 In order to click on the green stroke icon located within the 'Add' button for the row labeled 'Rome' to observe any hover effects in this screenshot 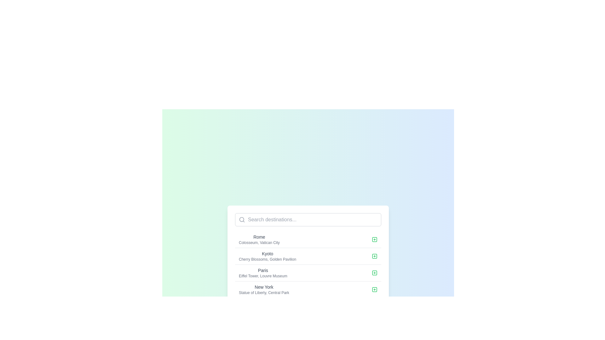, I will do `click(375, 239)`.